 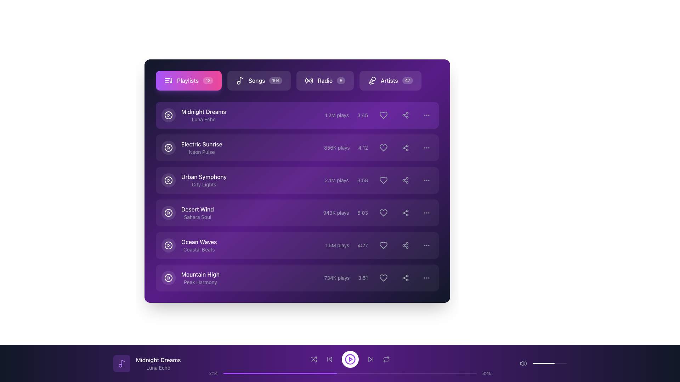 What do you see at coordinates (194, 115) in the screenshot?
I see `the first song entry in the playlist` at bounding box center [194, 115].